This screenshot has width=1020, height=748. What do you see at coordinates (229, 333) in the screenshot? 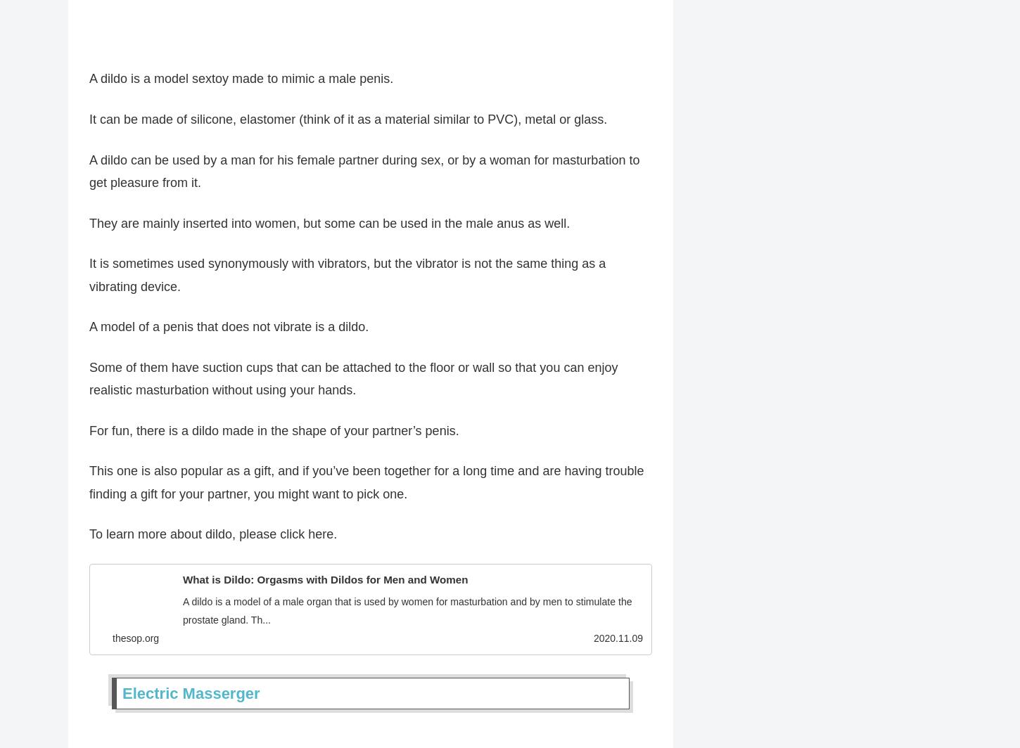
I see `'A model of a penis that does not vibrate is a dildo.'` at bounding box center [229, 333].